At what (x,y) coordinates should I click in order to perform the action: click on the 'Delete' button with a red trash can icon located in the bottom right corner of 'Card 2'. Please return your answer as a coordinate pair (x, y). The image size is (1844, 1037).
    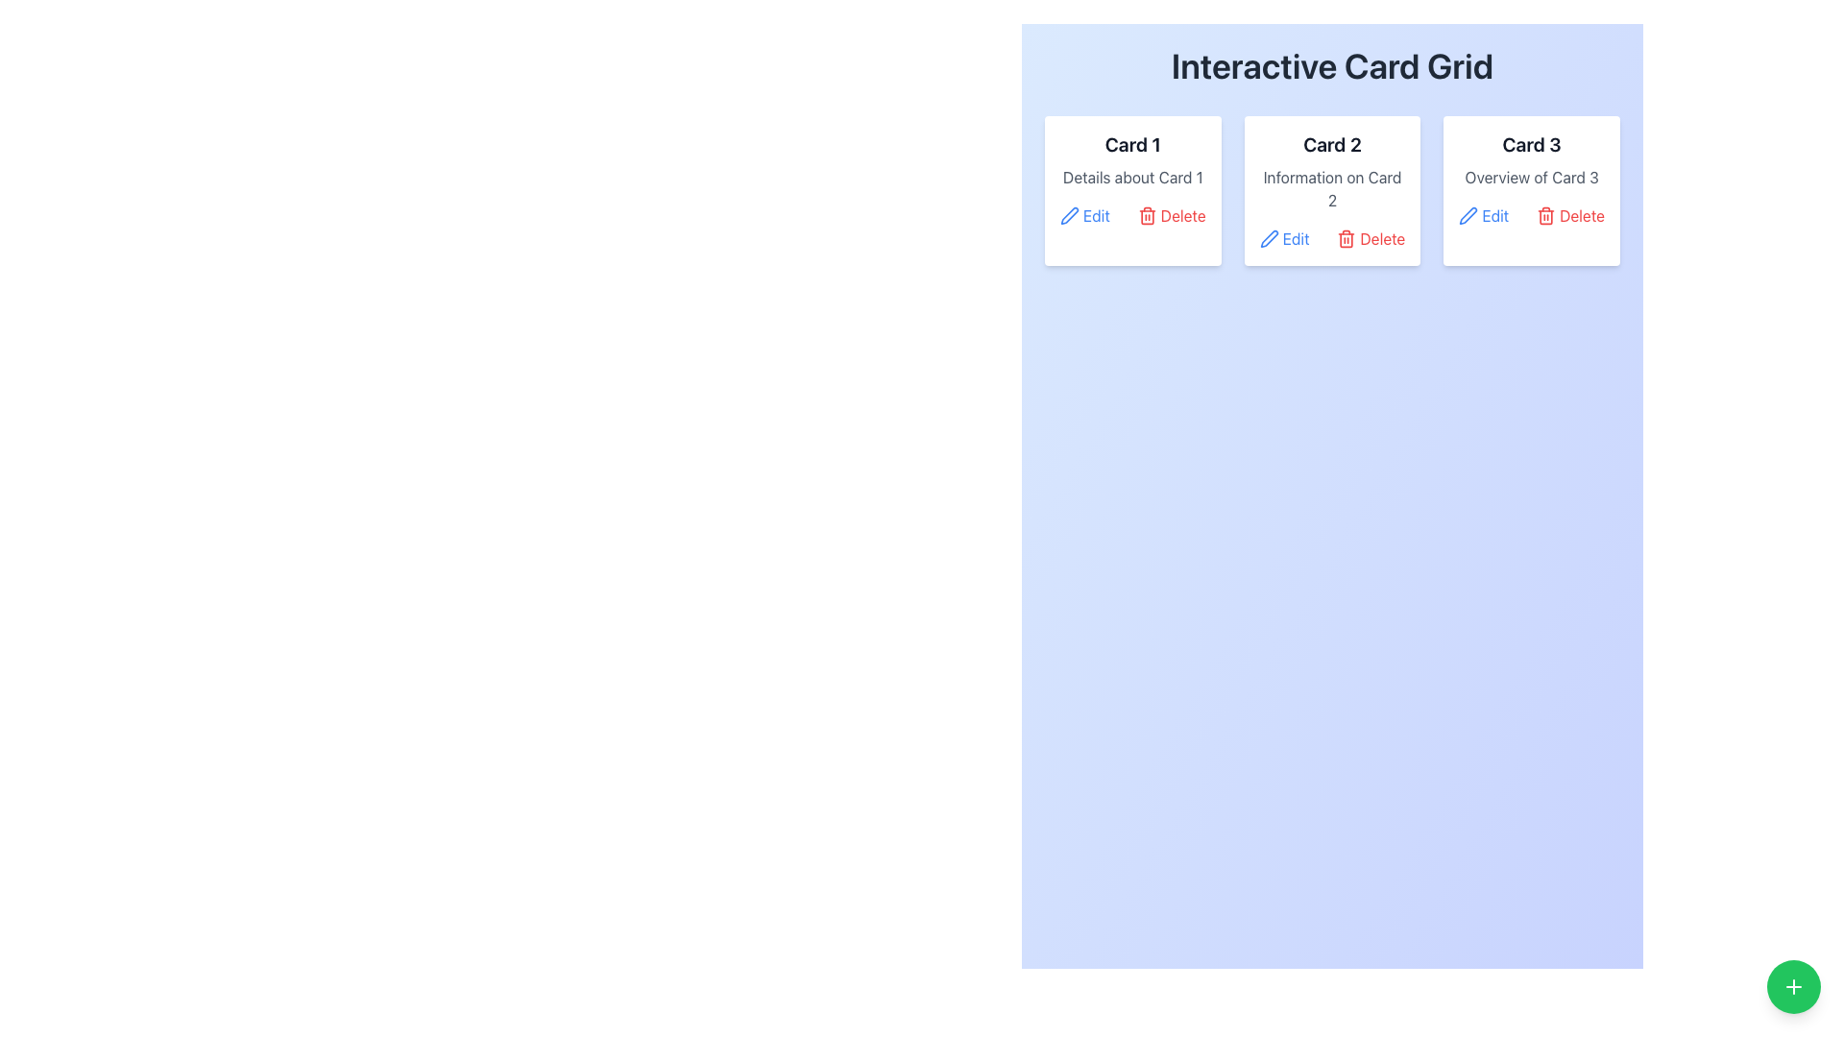
    Looking at the image, I should click on (1370, 238).